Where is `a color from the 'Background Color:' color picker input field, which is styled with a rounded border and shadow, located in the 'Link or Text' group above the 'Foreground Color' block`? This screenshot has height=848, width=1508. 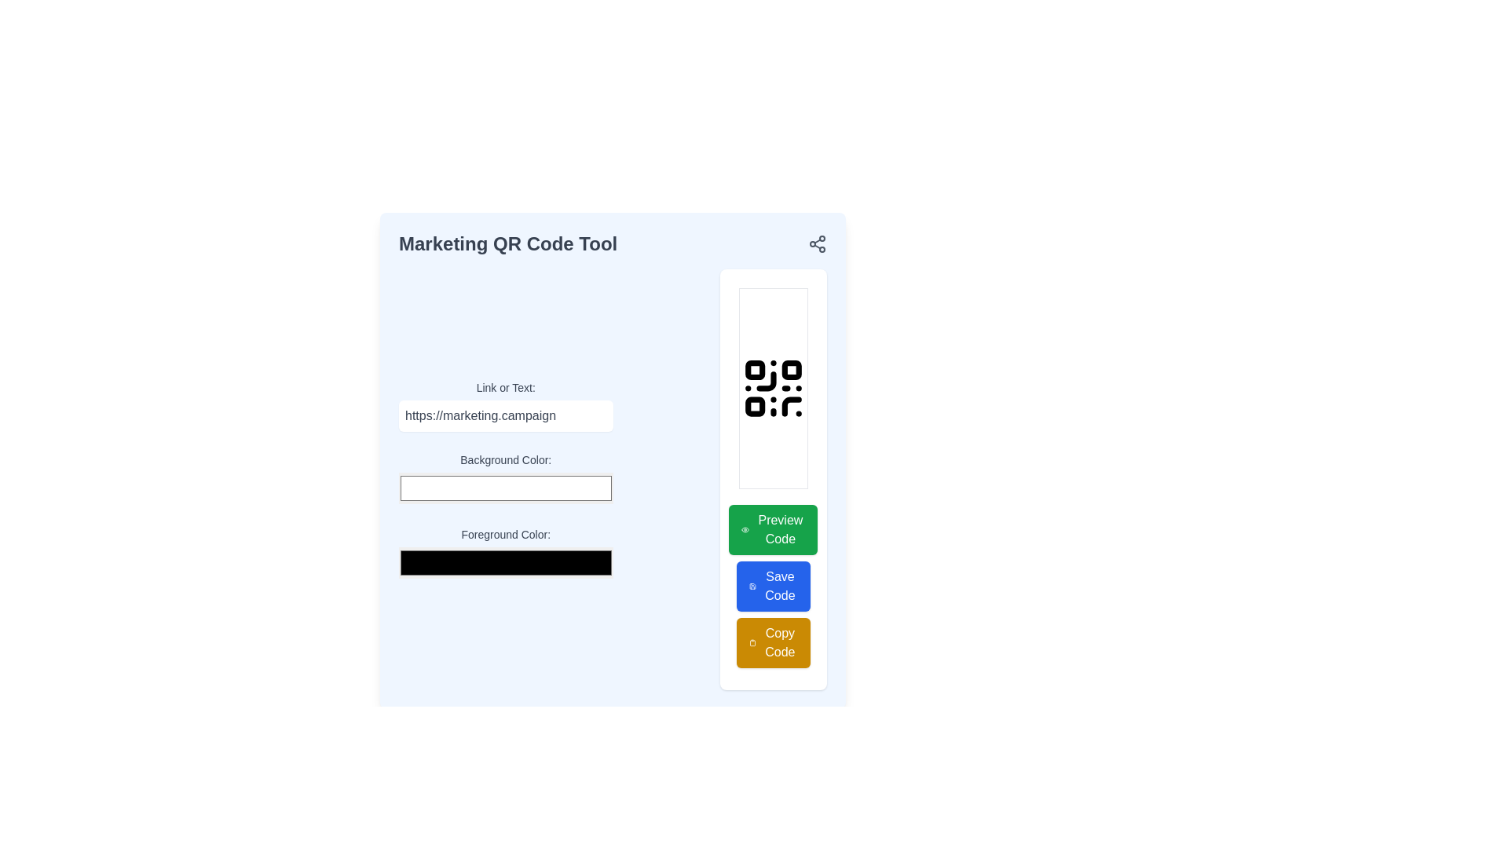 a color from the 'Background Color:' color picker input field, which is styled with a rounded border and shadow, located in the 'Link or Text' group above the 'Foreground Color' block is located at coordinates (612, 478).